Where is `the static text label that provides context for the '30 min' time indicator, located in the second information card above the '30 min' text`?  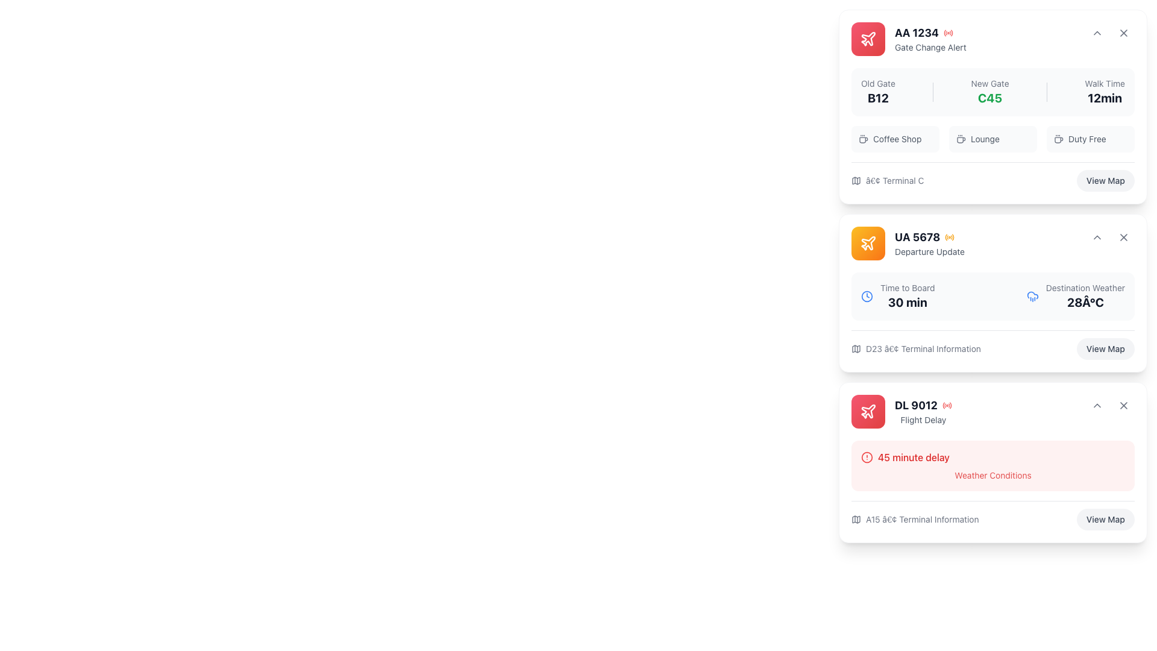
the static text label that provides context for the '30 min' time indicator, located in the second information card above the '30 min' text is located at coordinates (908, 288).